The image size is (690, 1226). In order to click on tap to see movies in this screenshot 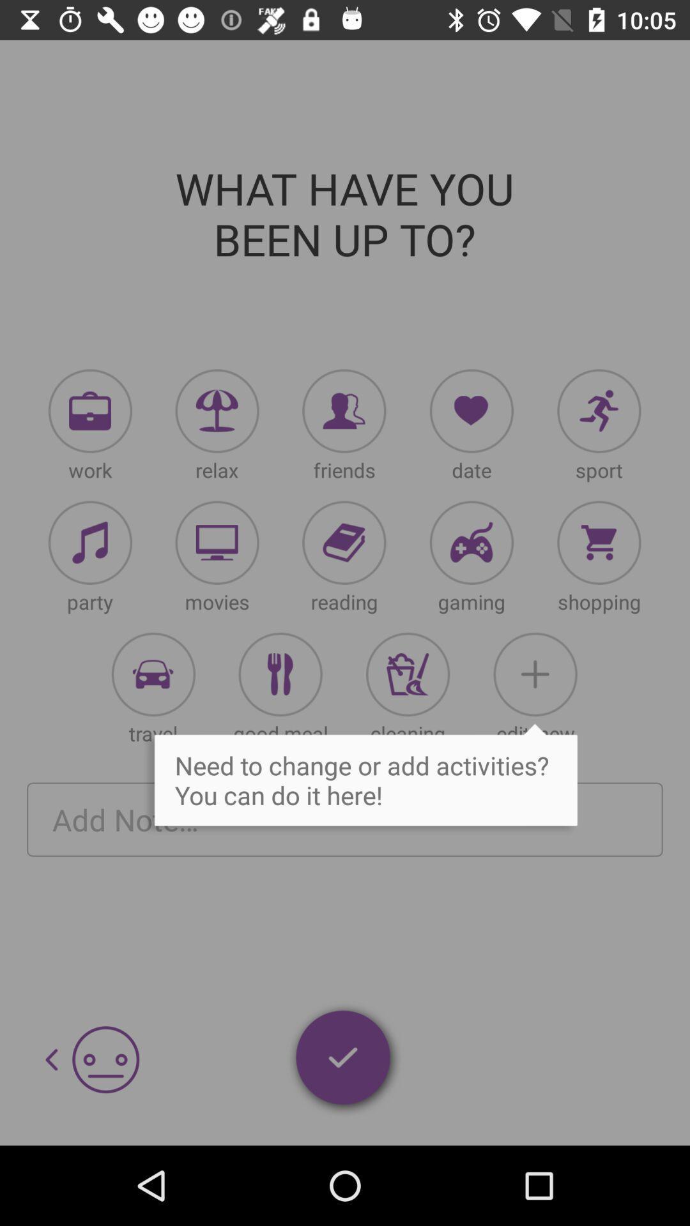, I will do `click(217, 543)`.